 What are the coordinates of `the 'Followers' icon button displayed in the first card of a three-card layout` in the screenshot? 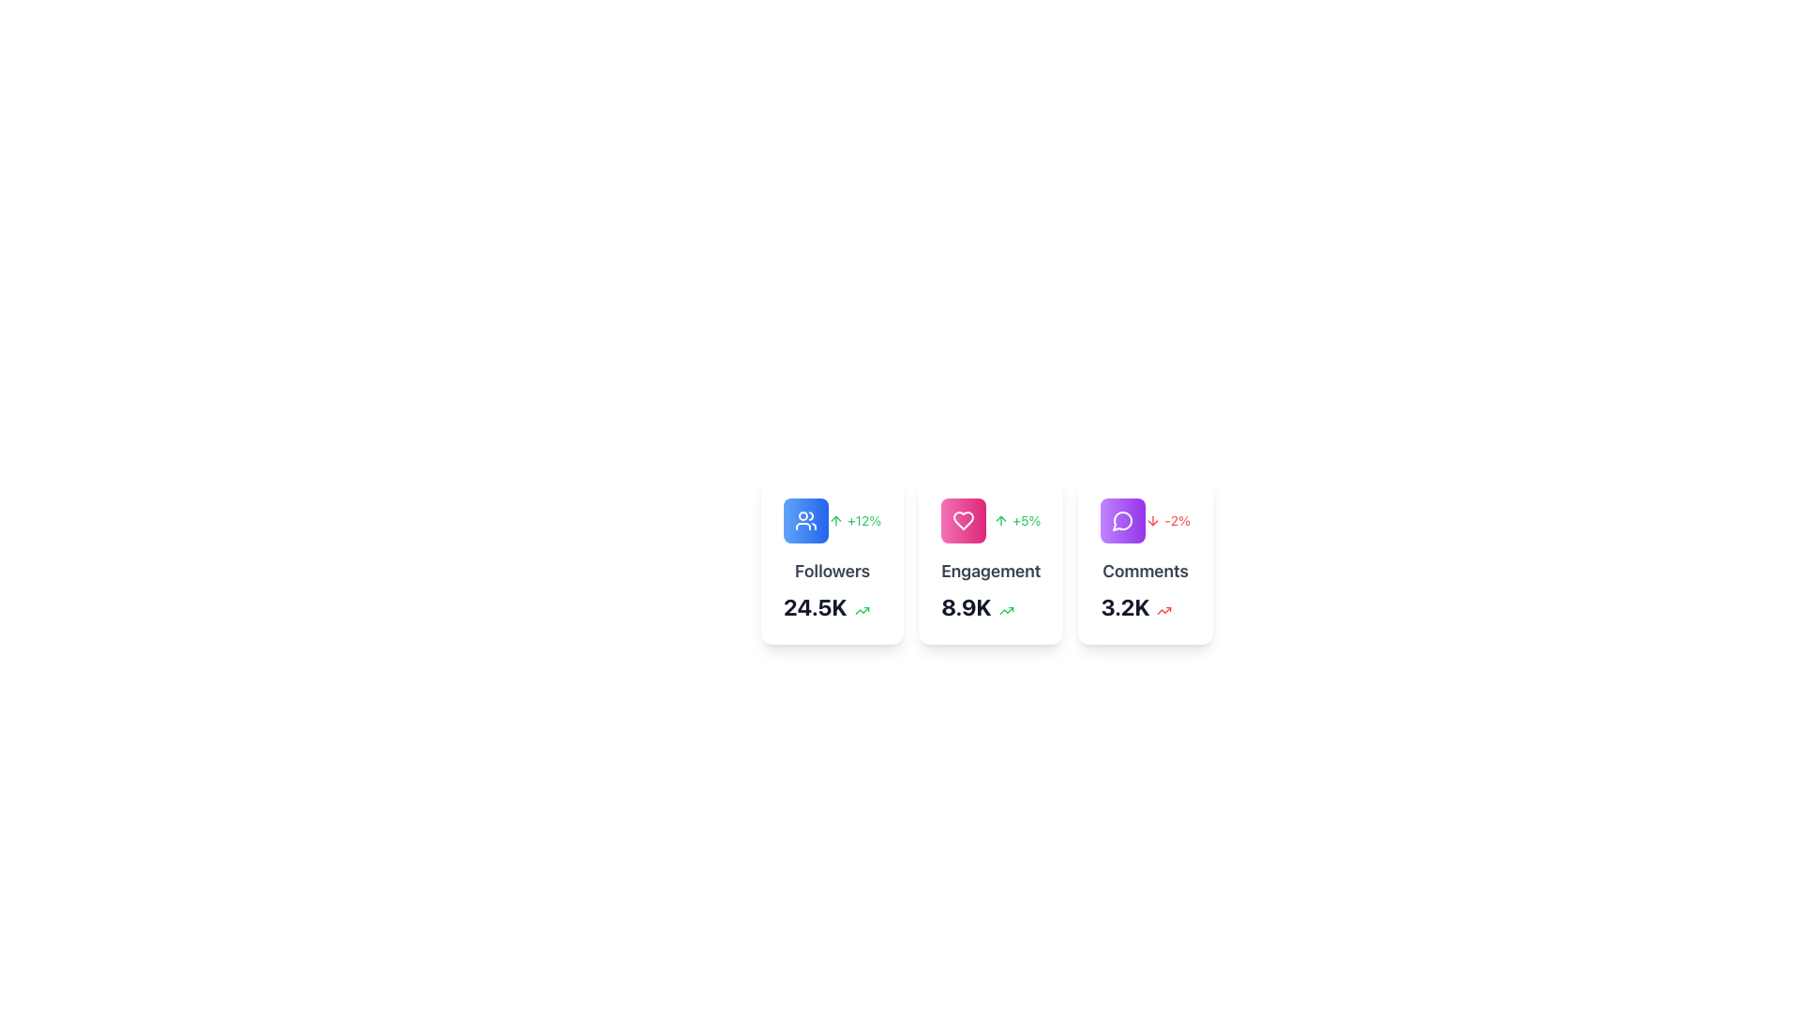 It's located at (805, 520).